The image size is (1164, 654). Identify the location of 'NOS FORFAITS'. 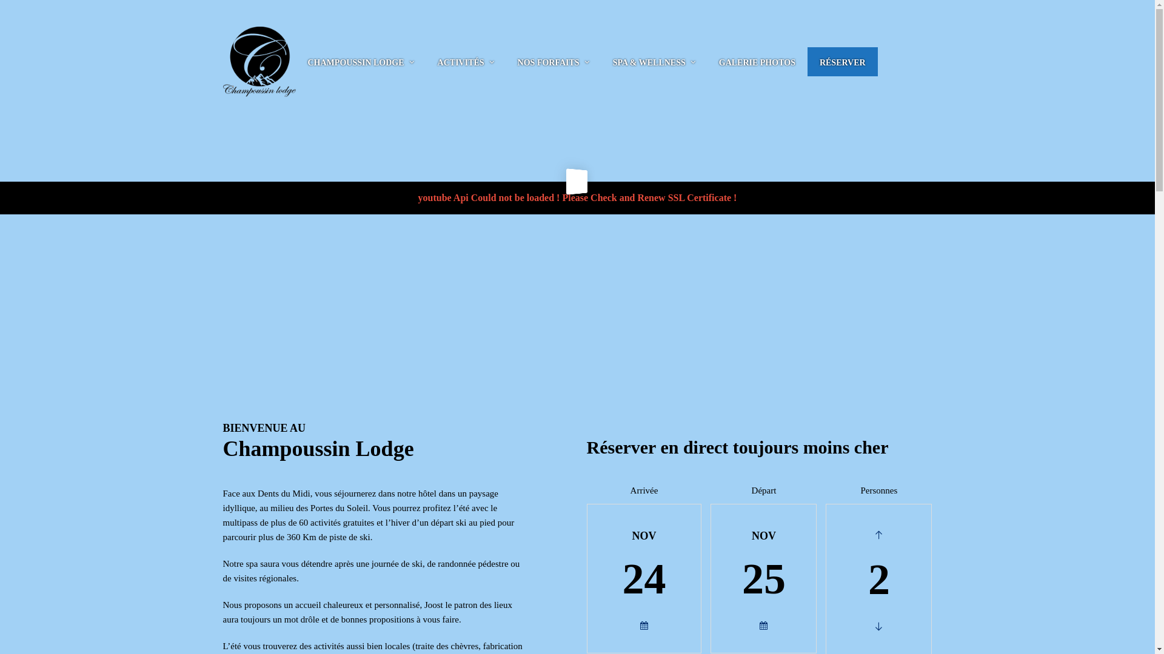
(548, 61).